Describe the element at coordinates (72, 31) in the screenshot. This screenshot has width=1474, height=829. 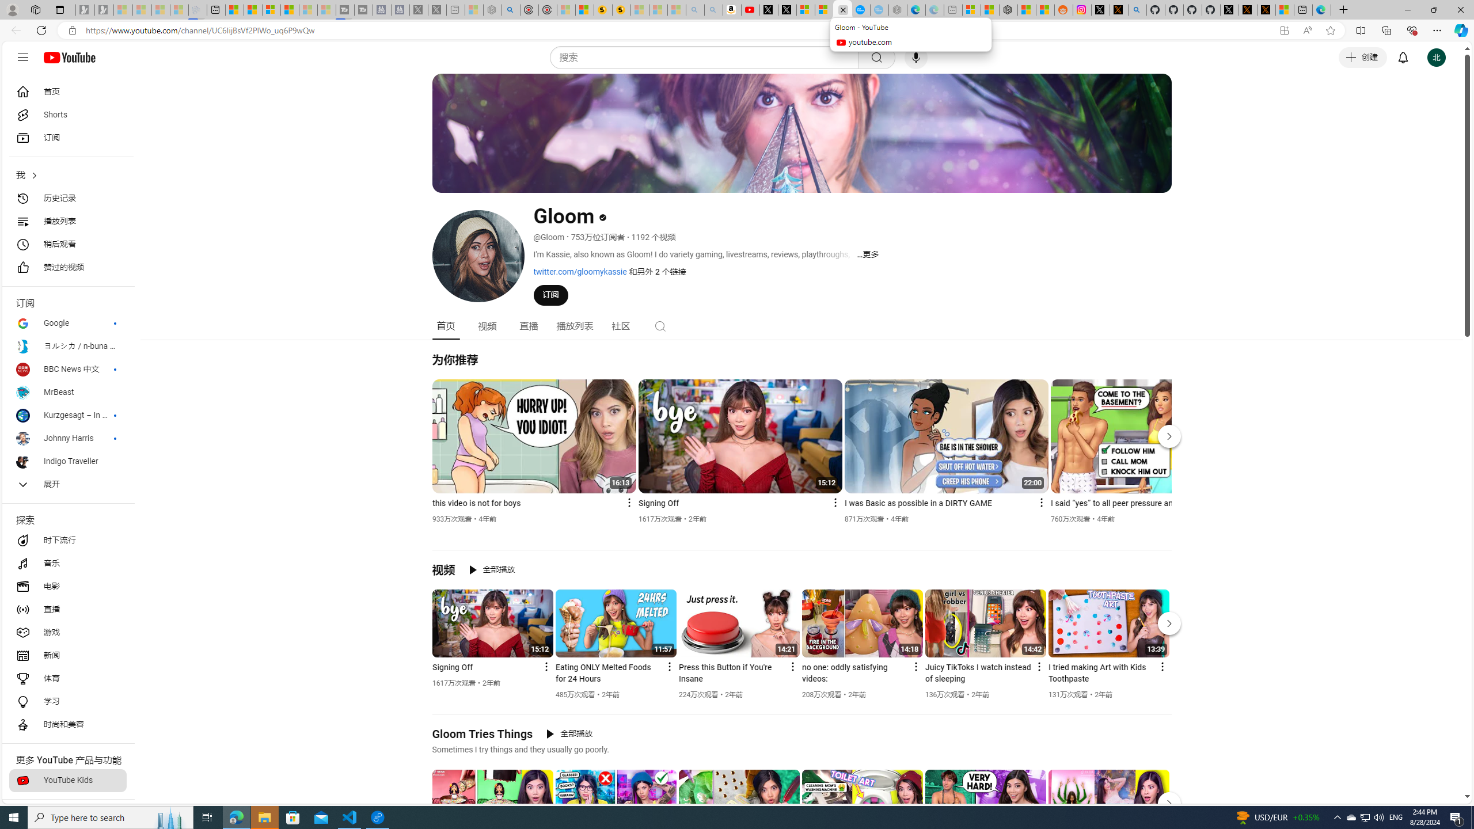
I see `'View site information'` at that location.